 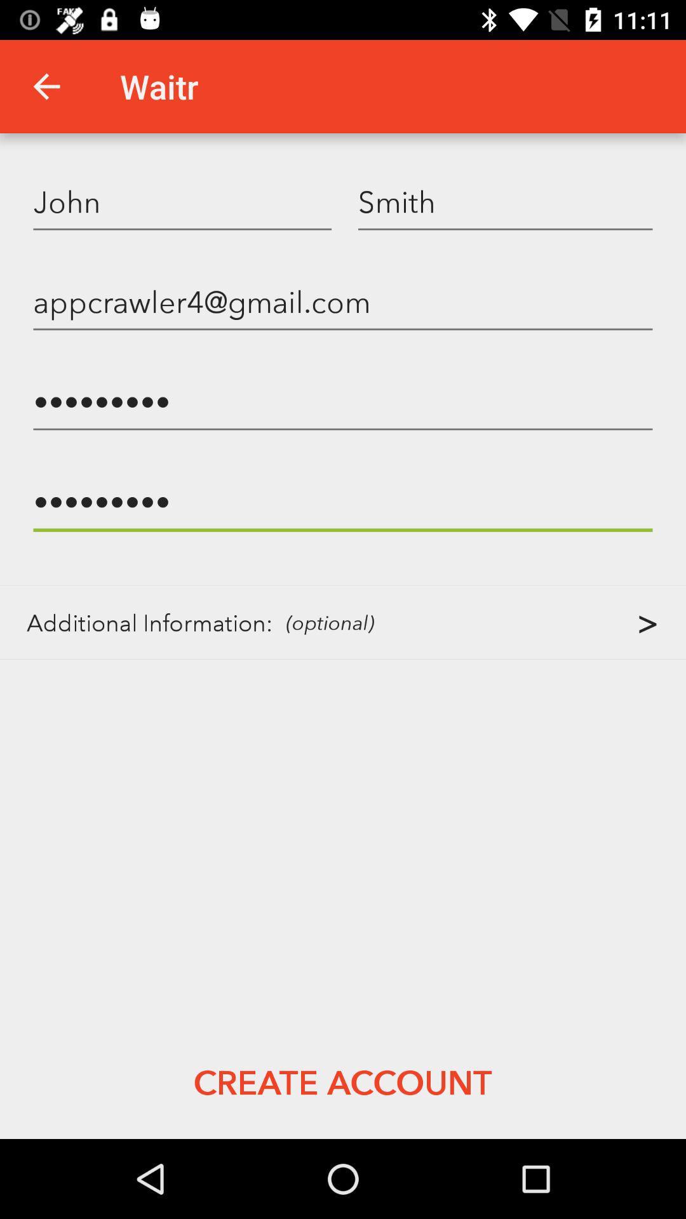 I want to click on appcrawler4@gmail.com, so click(x=343, y=301).